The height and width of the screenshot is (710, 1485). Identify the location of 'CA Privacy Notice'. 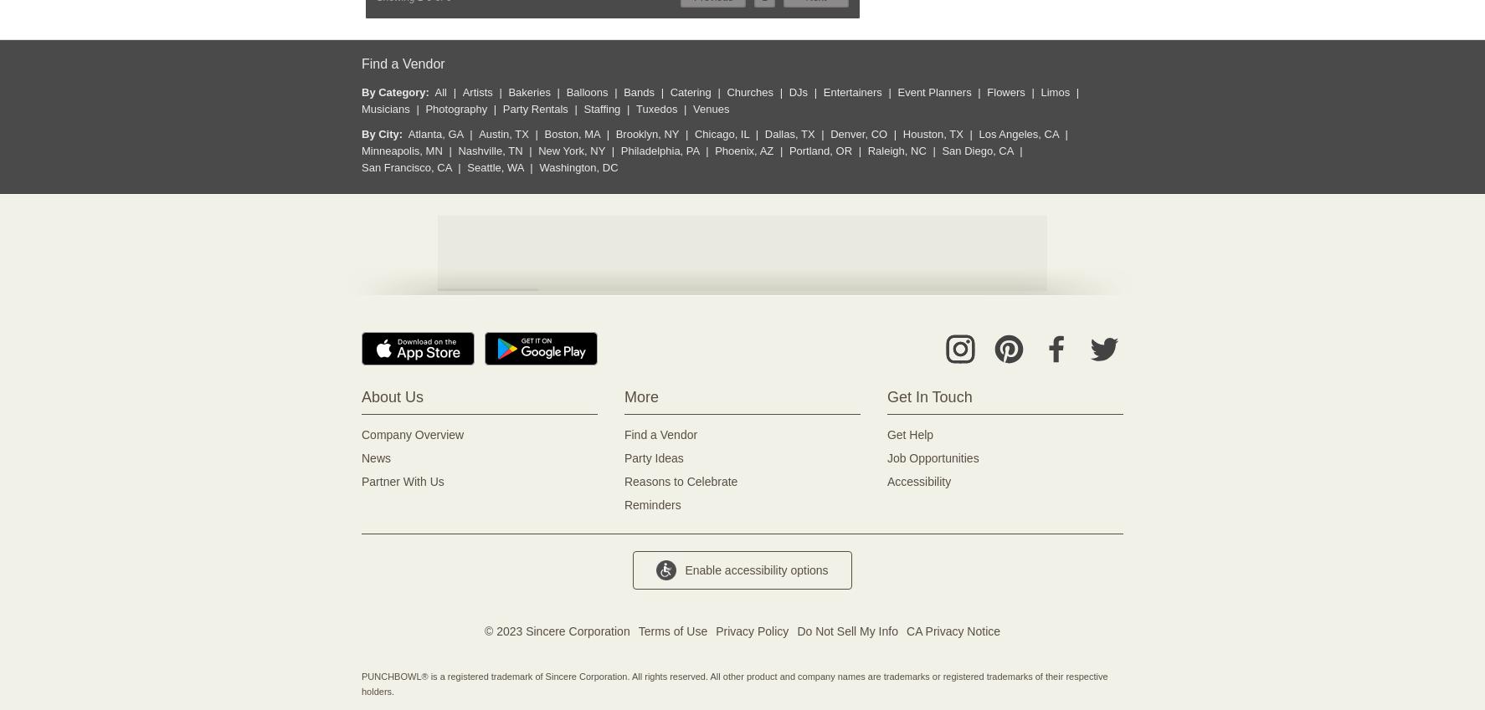
(953, 631).